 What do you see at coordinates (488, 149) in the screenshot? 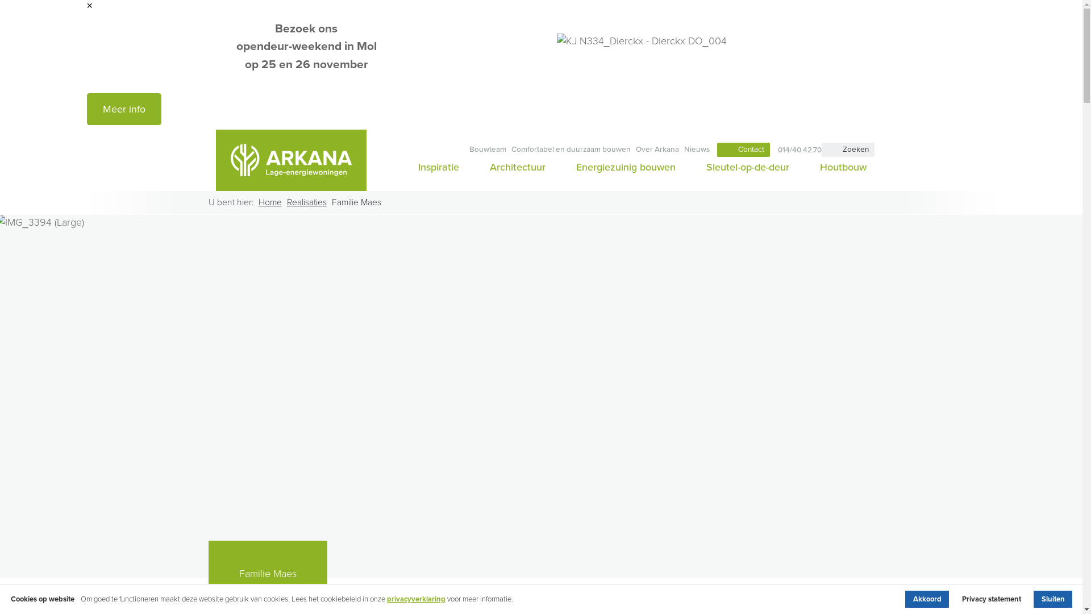
I see `'Bouwteam'` at bounding box center [488, 149].